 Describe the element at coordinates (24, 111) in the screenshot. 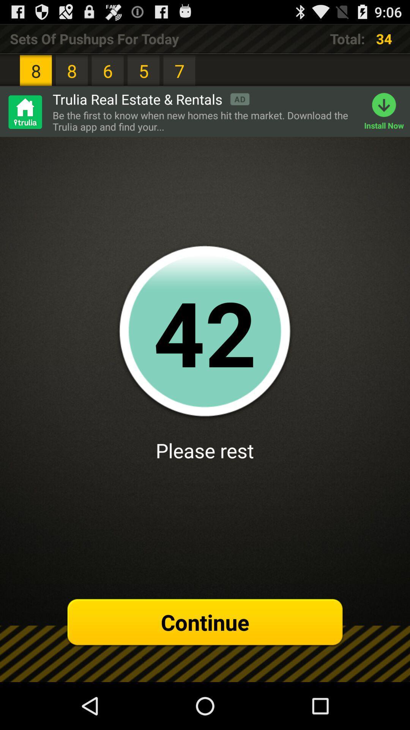

I see `the item below the 8` at that location.